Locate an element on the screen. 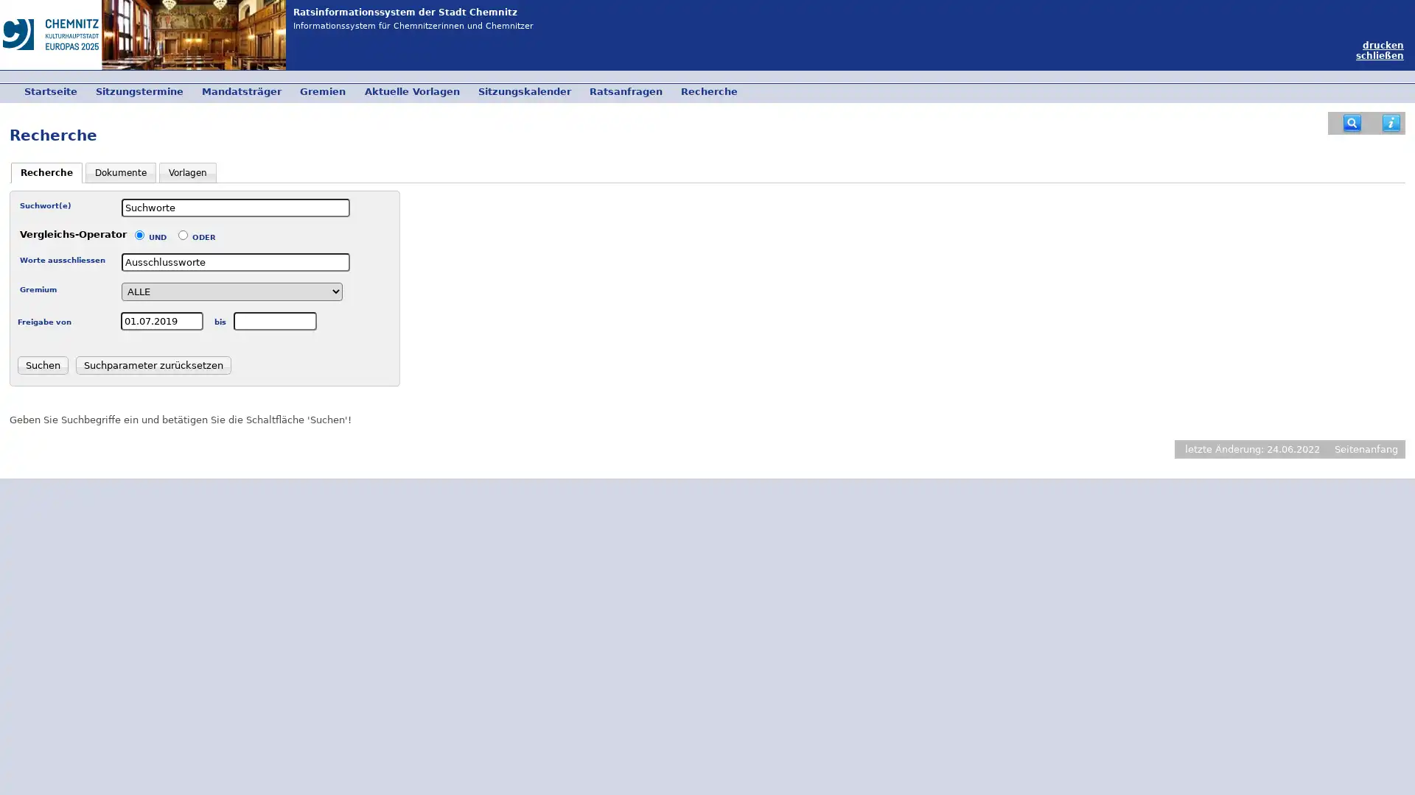  Suchparameter zurucksetzen is located at coordinates (153, 364).